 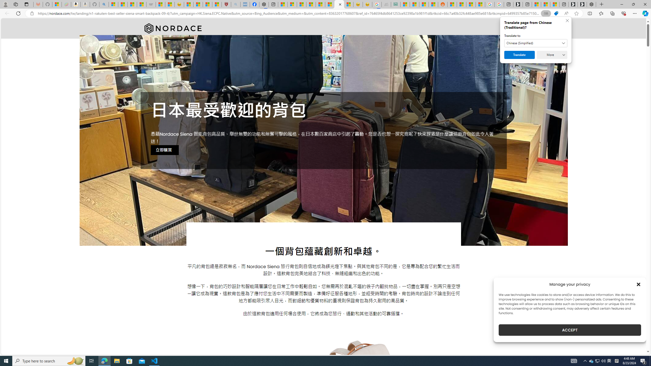 I want to click on 'These 3 Stocks Pay You More Than 5% to Own Them', so click(x=554, y=4).